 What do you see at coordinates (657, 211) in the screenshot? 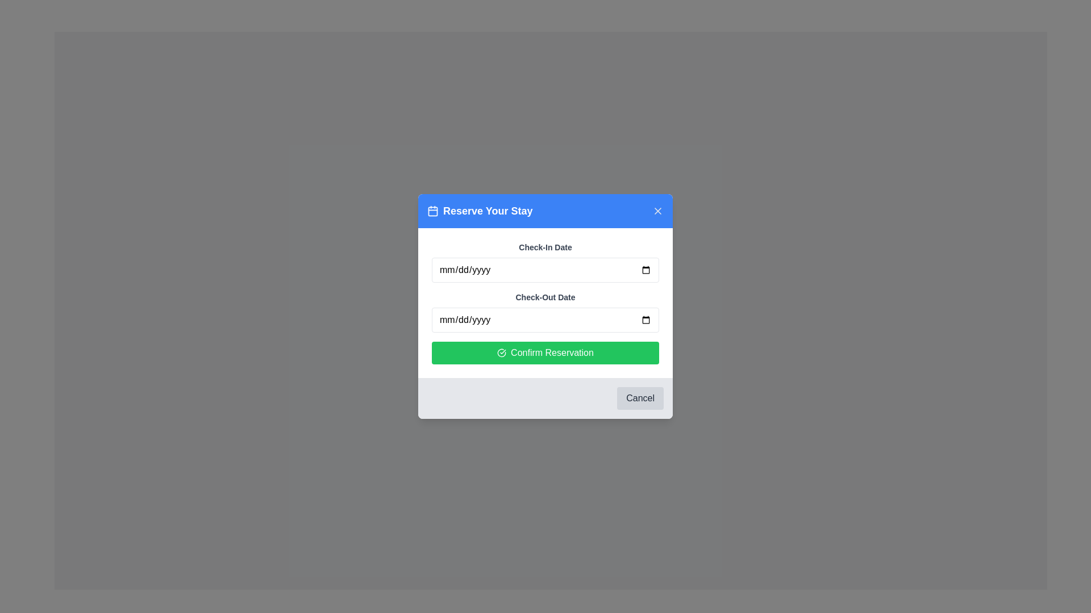
I see `the close button located at the top-right corner of the 'Reserve Your Stay' modal header` at bounding box center [657, 211].